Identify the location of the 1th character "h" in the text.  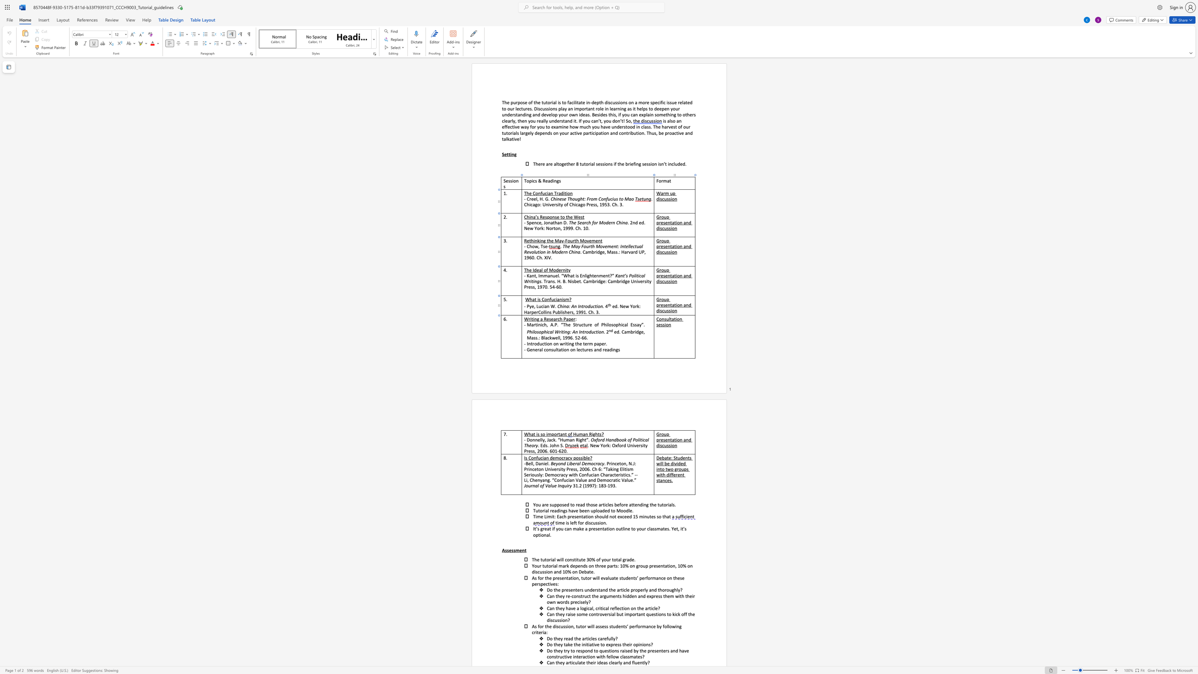
(560, 319).